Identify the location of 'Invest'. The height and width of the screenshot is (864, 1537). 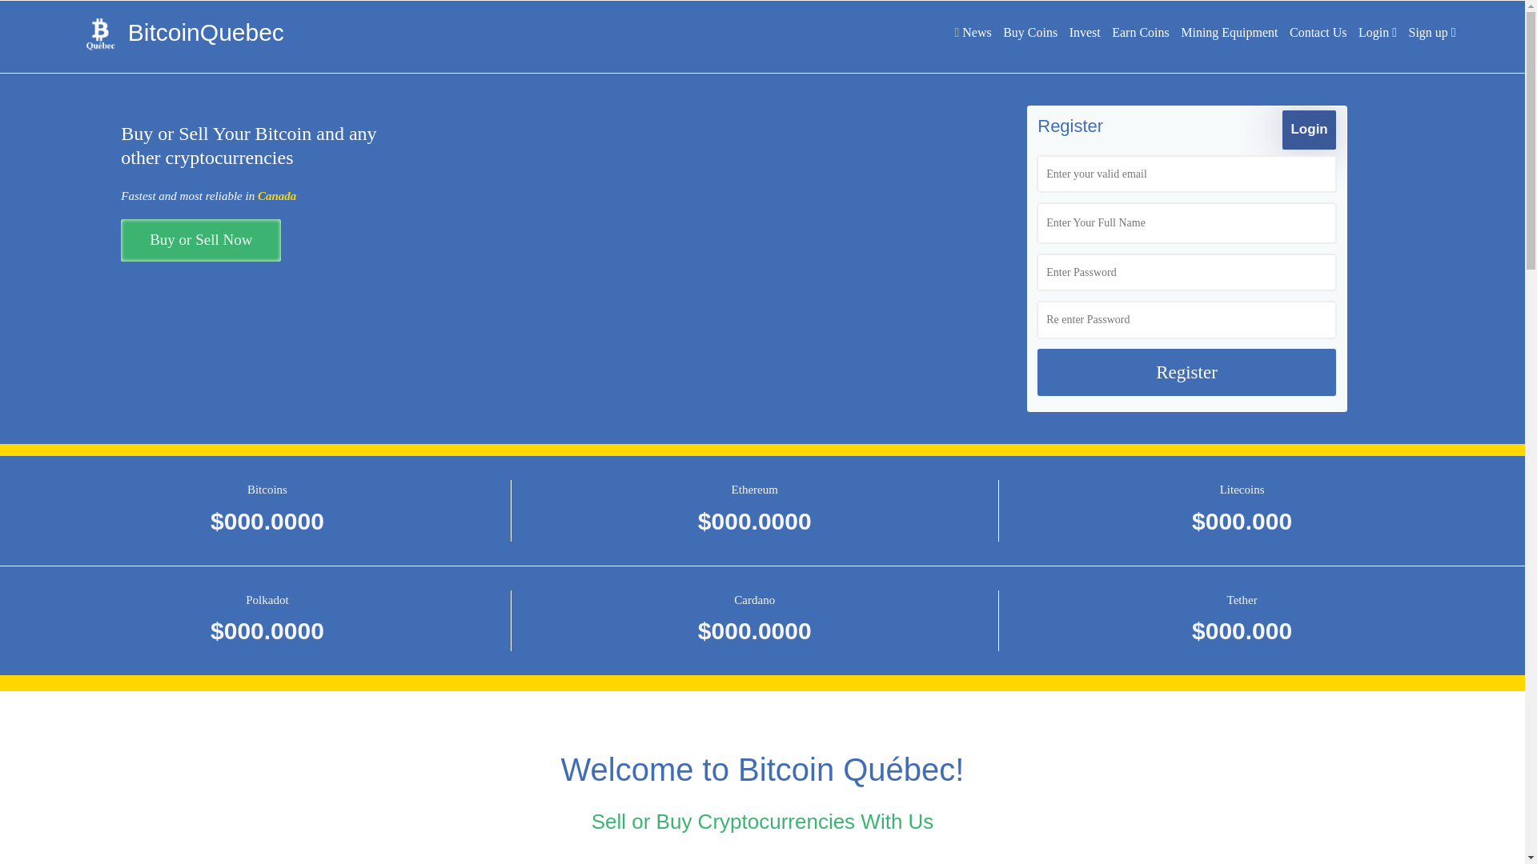
(1085, 32).